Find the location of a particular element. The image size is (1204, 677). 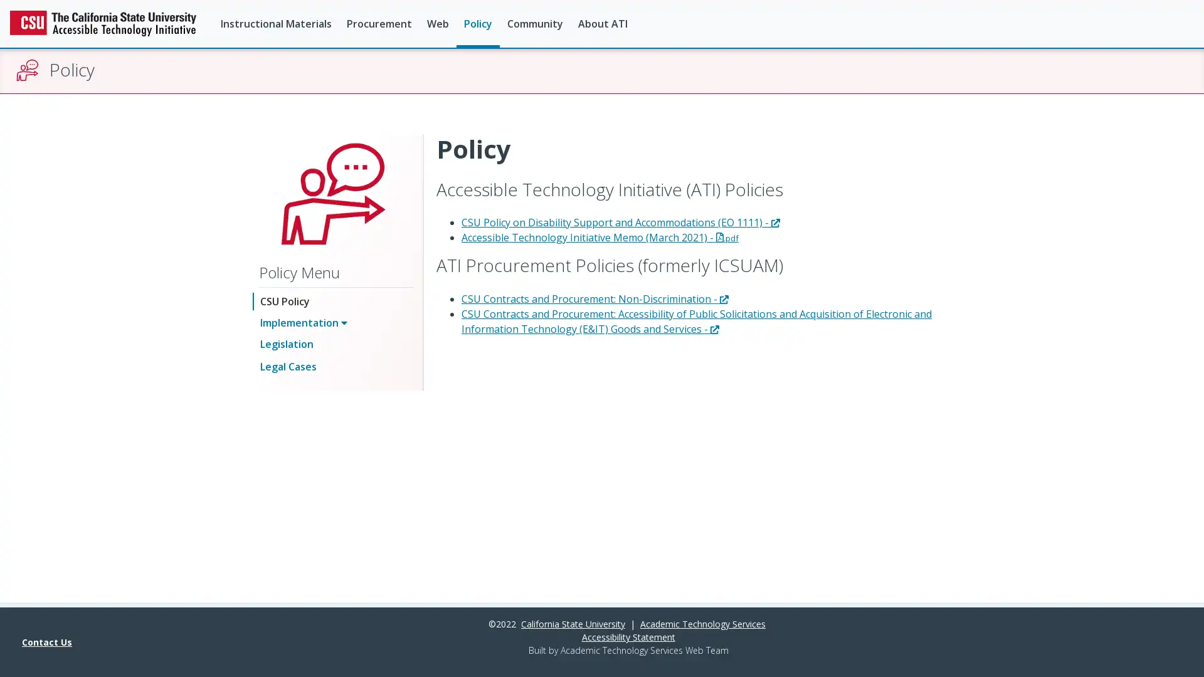

Implementation is located at coordinates (304, 321).